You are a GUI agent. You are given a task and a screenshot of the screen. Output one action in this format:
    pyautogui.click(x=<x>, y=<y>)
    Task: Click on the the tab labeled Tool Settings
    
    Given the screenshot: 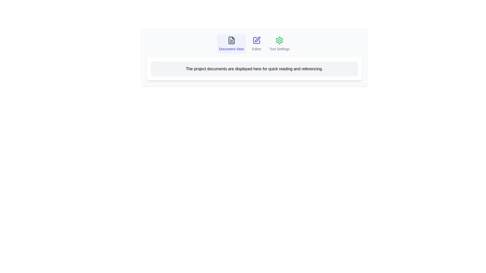 What is the action you would take?
    pyautogui.click(x=279, y=43)
    